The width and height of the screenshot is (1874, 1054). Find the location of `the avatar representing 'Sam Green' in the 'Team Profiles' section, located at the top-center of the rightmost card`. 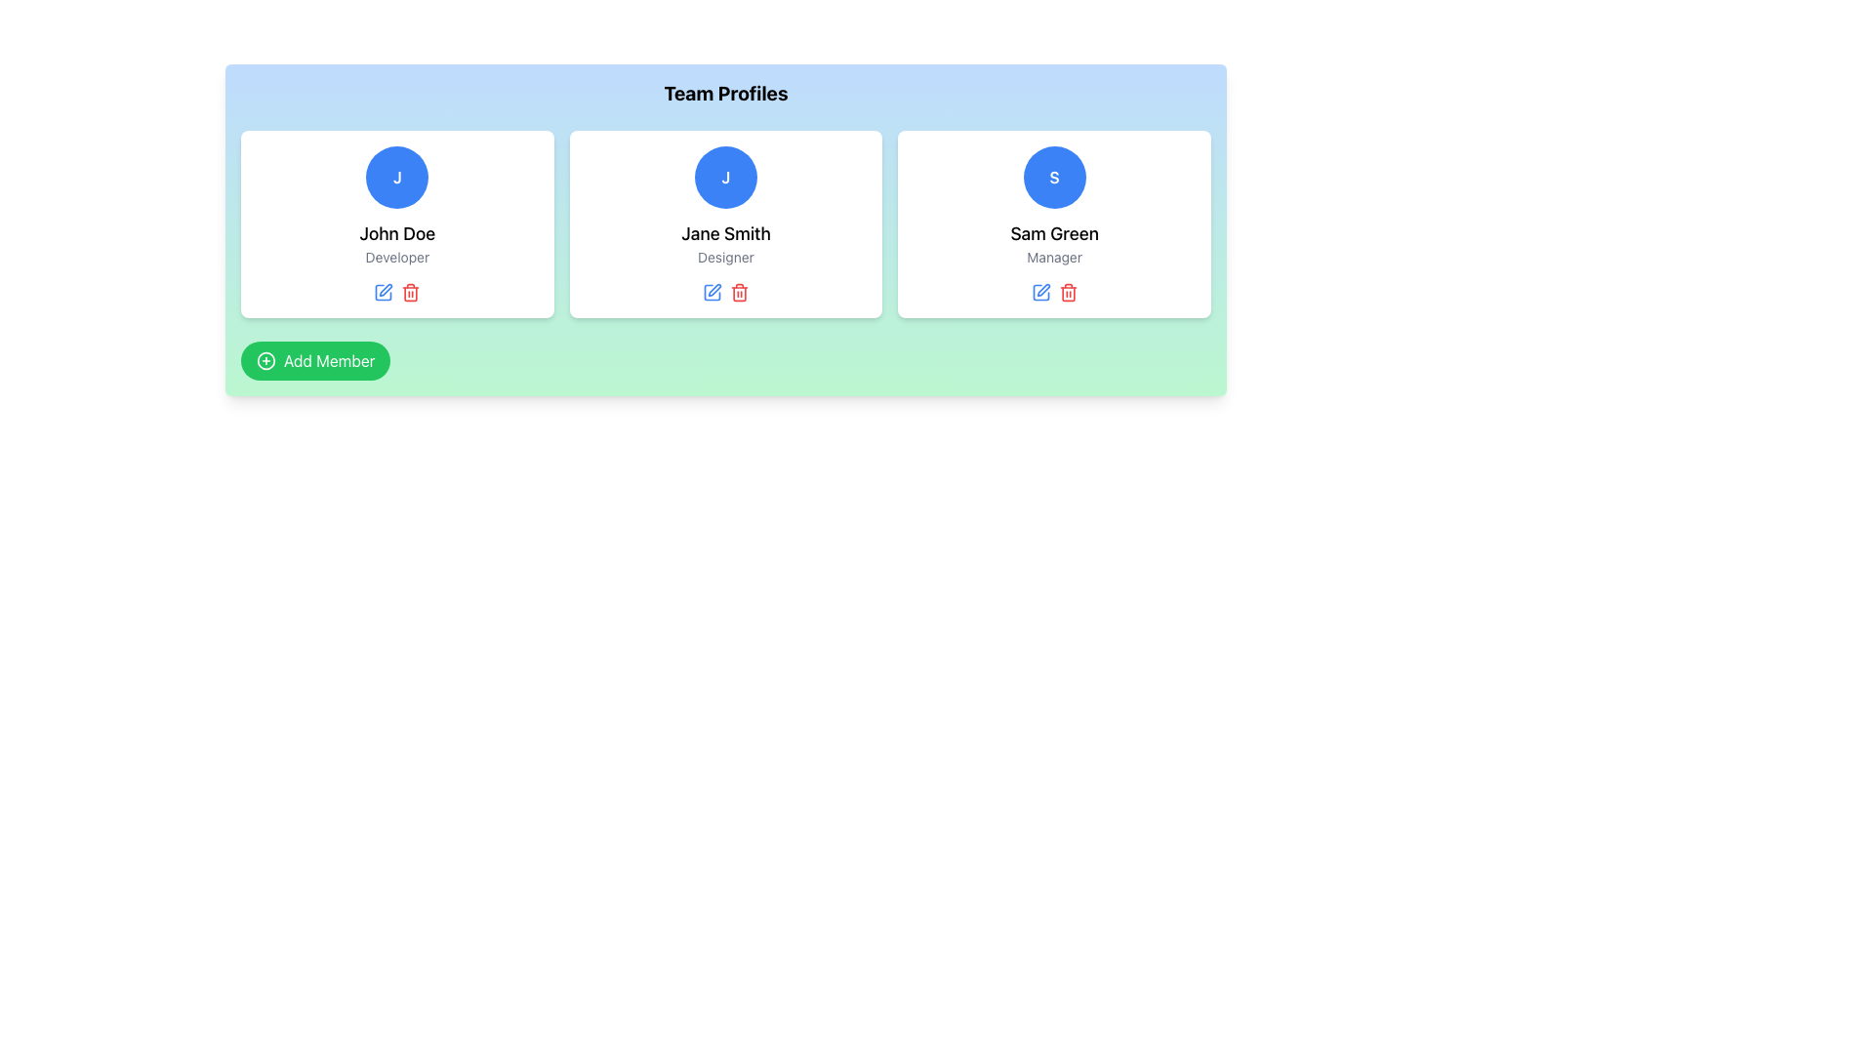

the avatar representing 'Sam Green' in the 'Team Profiles' section, located at the top-center of the rightmost card is located at coordinates (1053, 177).